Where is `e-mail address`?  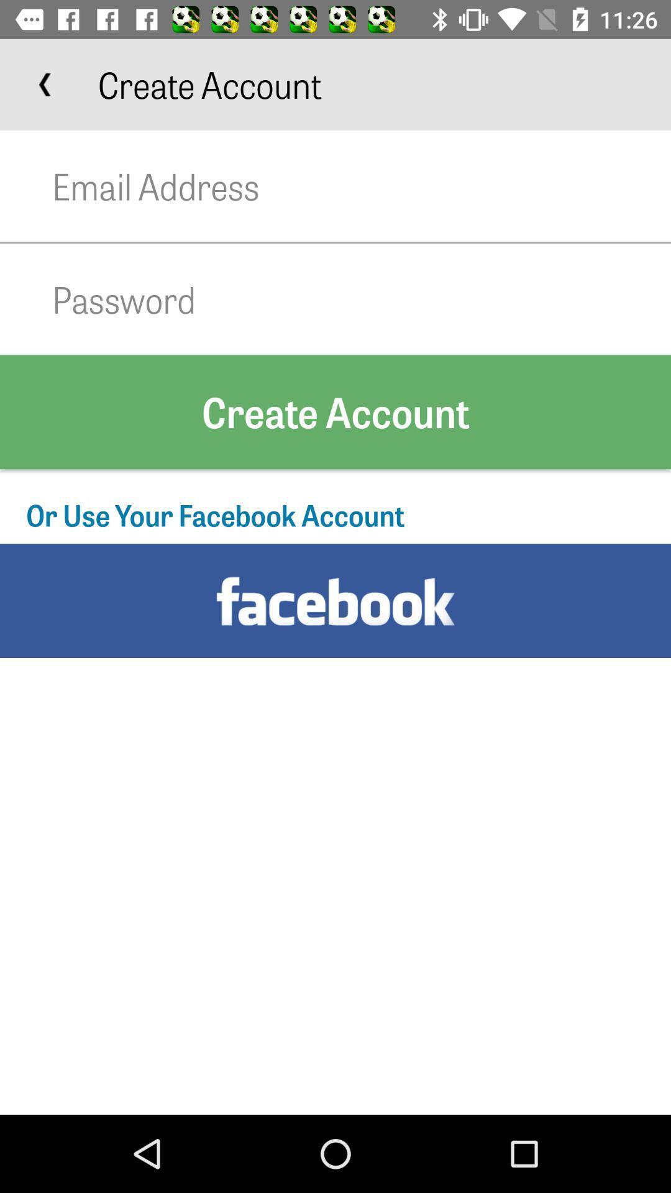 e-mail address is located at coordinates (362, 185).